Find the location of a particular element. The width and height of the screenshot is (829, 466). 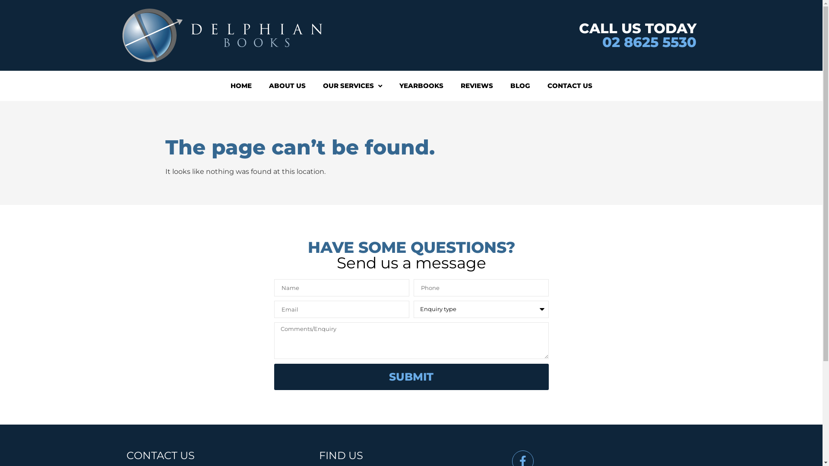

'REVIEWS' is located at coordinates (476, 86).